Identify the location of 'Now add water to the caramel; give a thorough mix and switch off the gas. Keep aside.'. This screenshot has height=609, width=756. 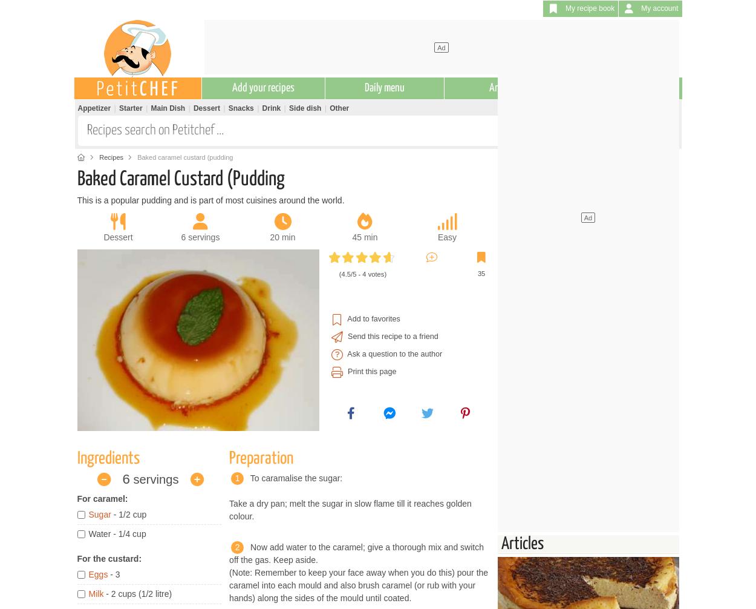
(356, 552).